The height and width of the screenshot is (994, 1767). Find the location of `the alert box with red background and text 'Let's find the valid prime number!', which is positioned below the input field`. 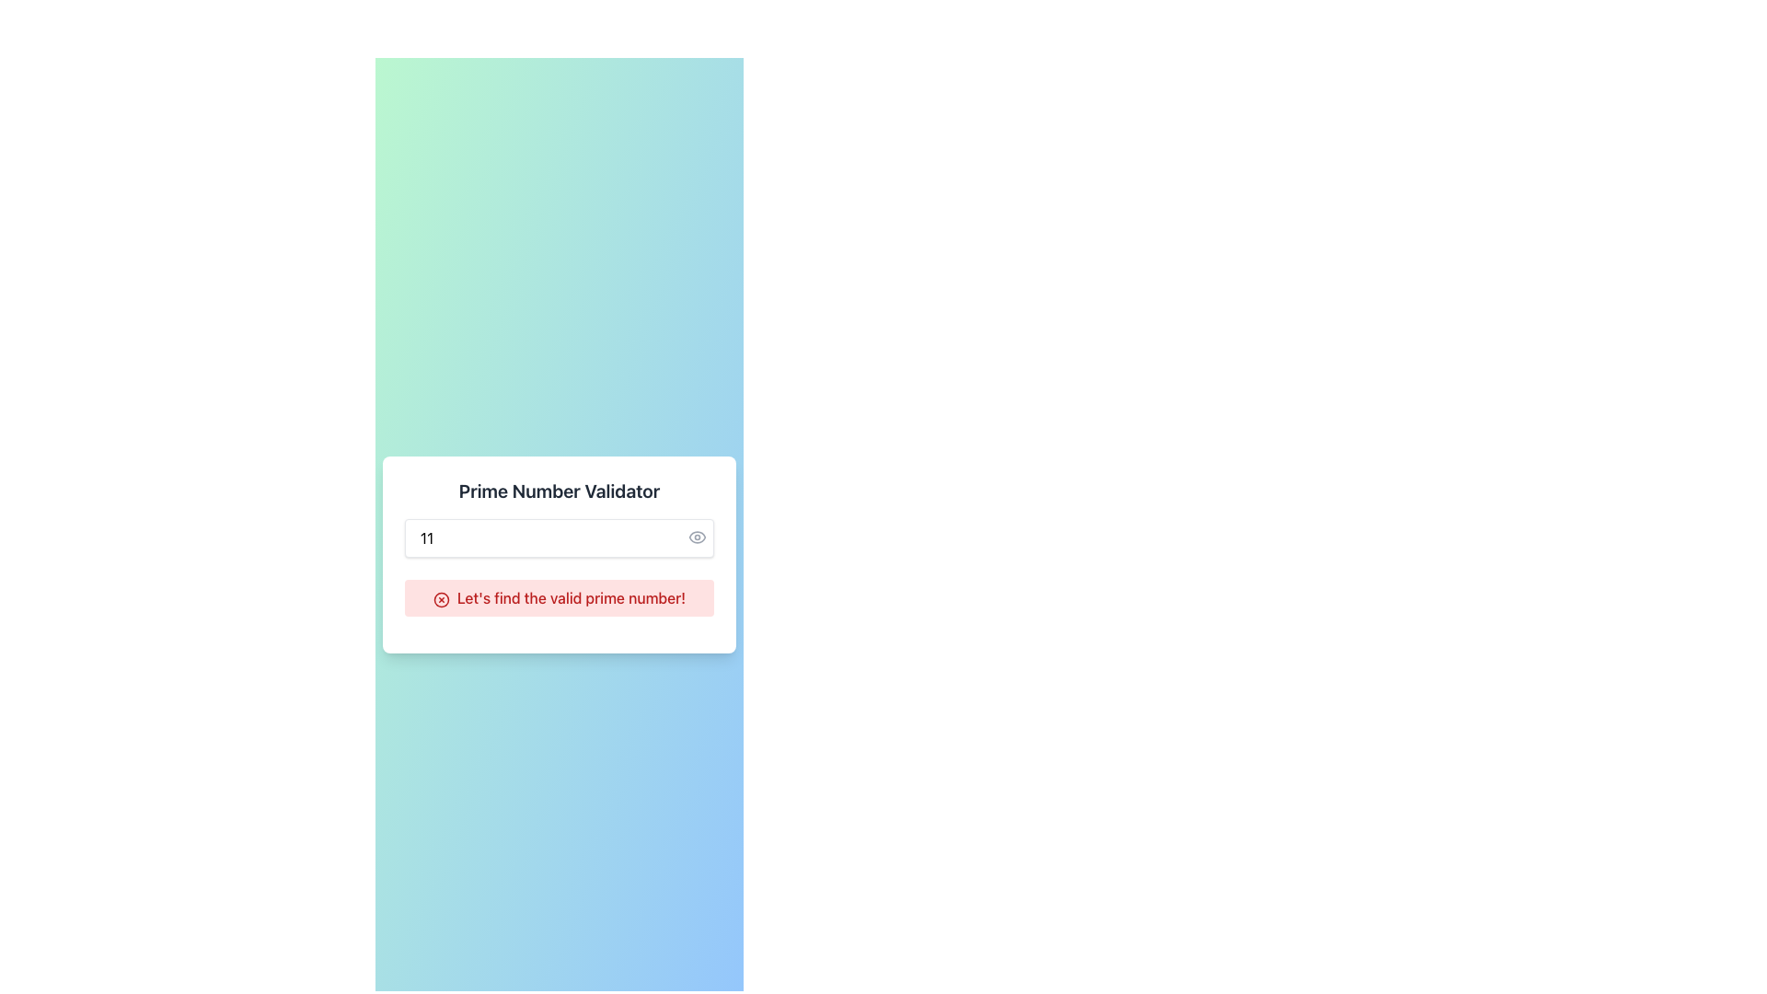

the alert box with red background and text 'Let's find the valid prime number!', which is positioned below the input field is located at coordinates (559, 598).